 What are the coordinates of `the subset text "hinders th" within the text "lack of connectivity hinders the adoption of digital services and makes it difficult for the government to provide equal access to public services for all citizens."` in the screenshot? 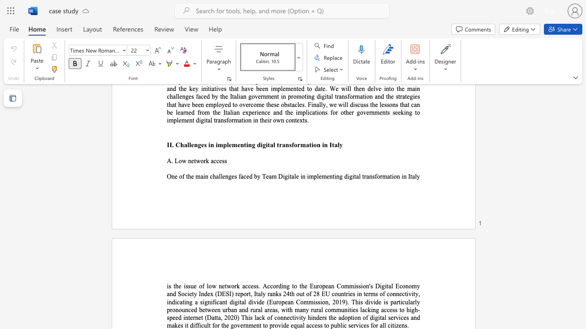 It's located at (308, 317).